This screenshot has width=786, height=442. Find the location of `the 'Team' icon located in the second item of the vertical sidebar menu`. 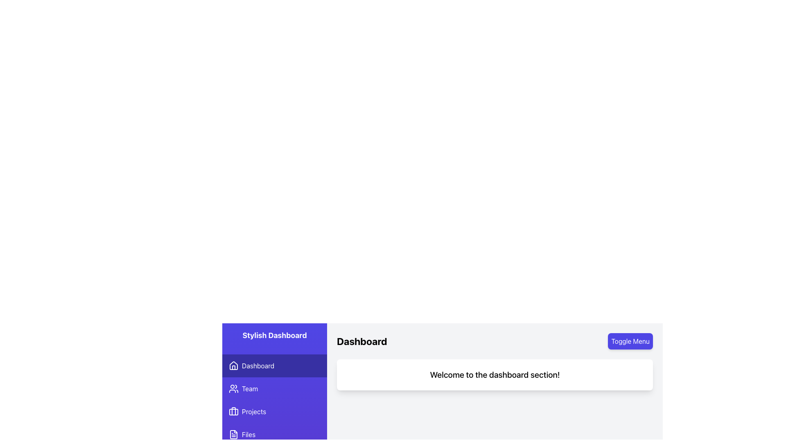

the 'Team' icon located in the second item of the vertical sidebar menu is located at coordinates (233, 388).